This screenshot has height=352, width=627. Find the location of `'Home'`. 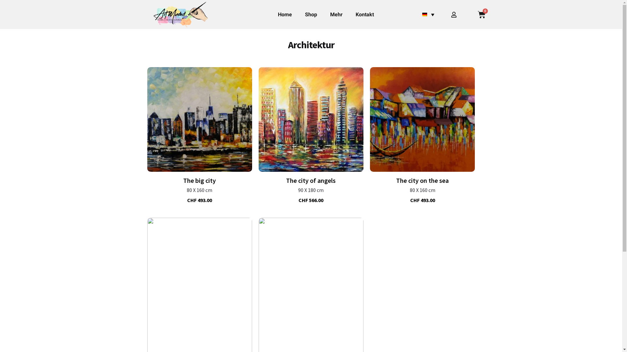

'Home' is located at coordinates (271, 15).